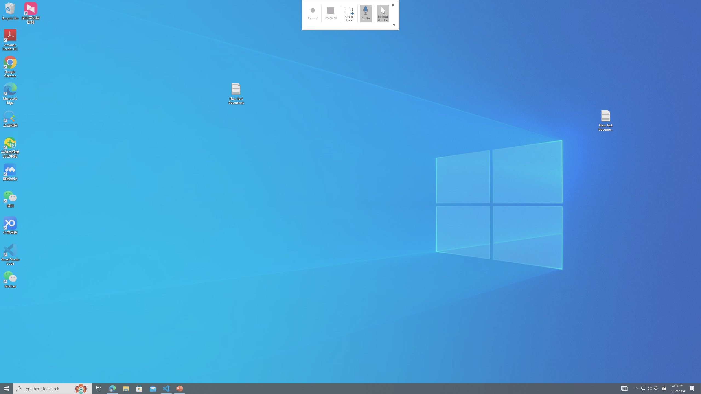 Image resolution: width=701 pixels, height=394 pixels. I want to click on 'Select Area', so click(349, 13).